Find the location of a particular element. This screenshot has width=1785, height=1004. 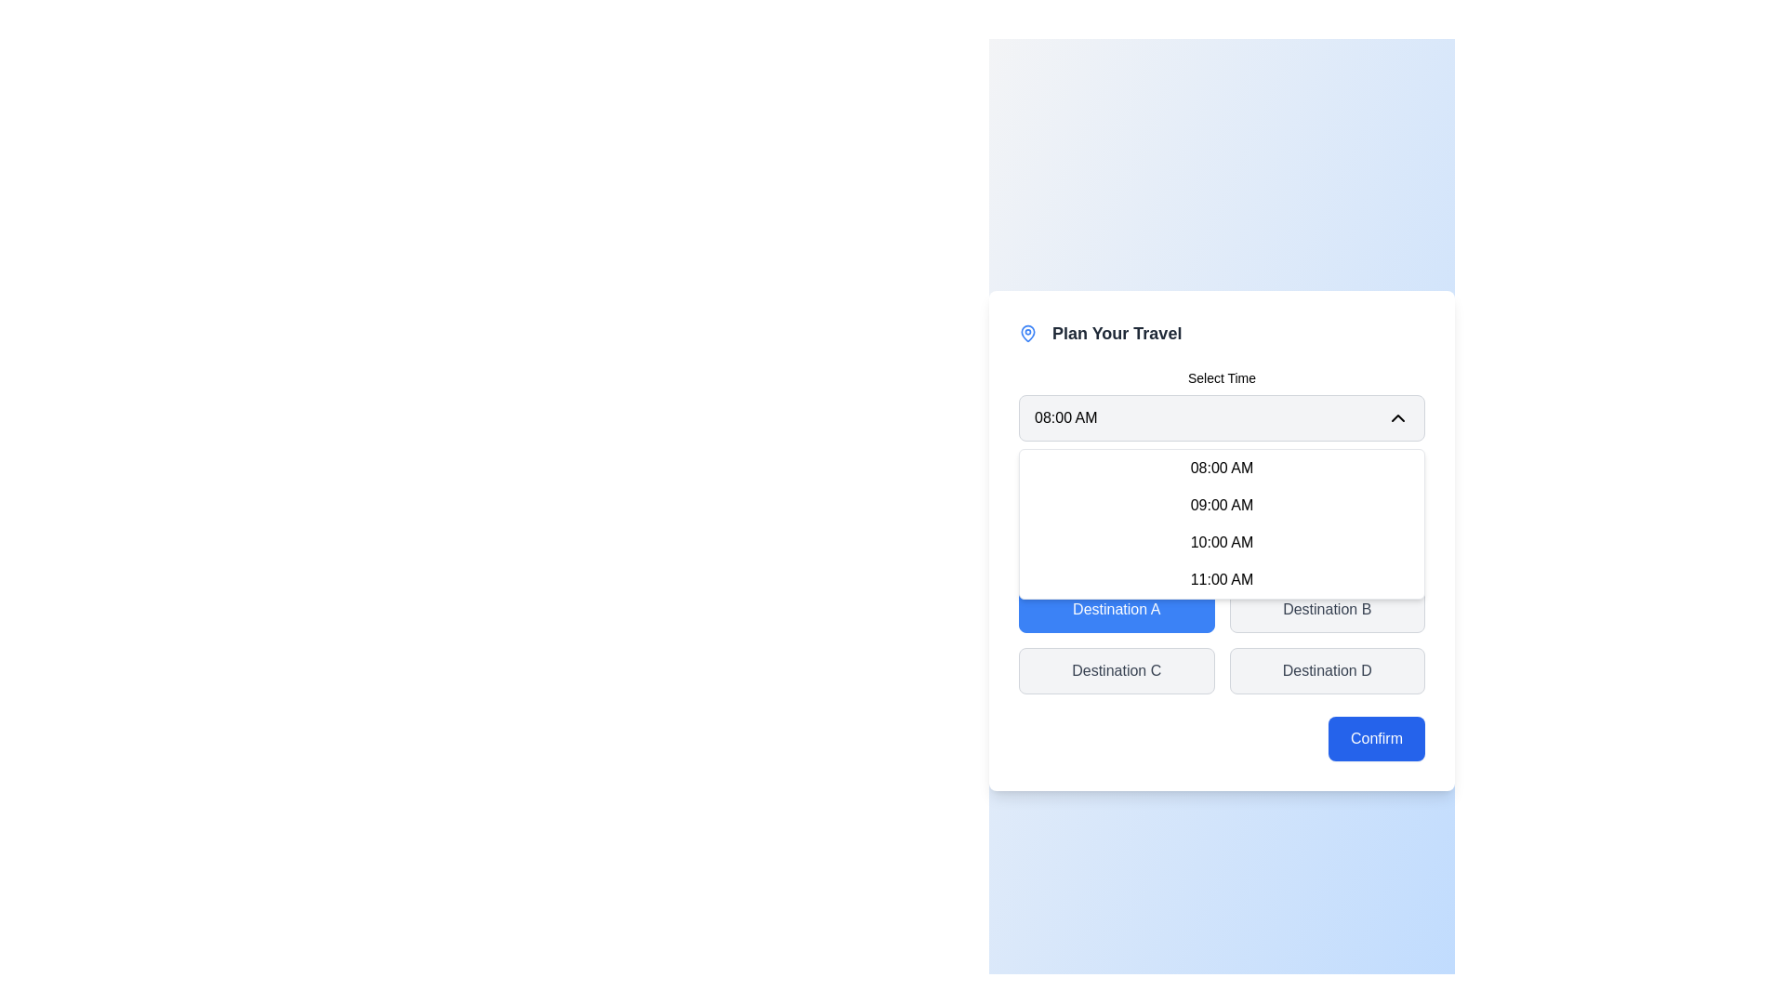

the 'Select Time' dropdown menu is located at coordinates (1222, 403).